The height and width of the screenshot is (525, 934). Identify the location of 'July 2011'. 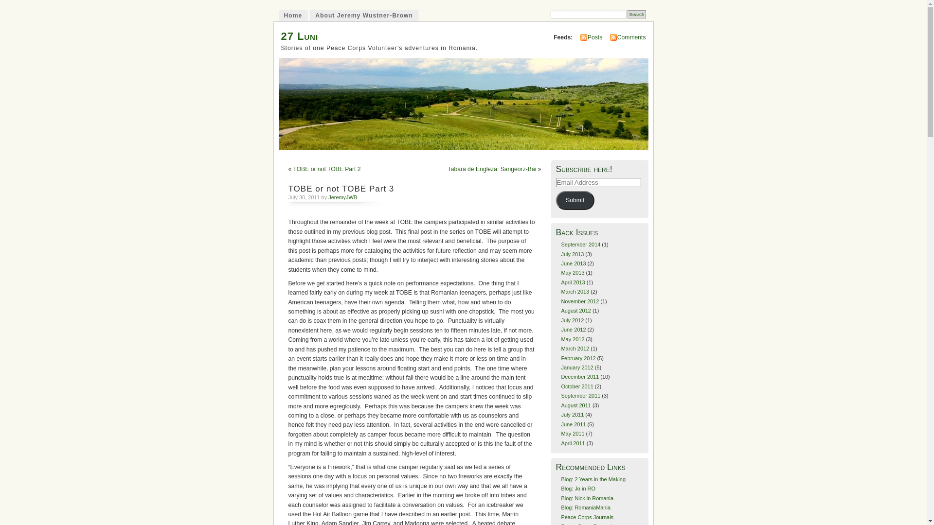
(560, 414).